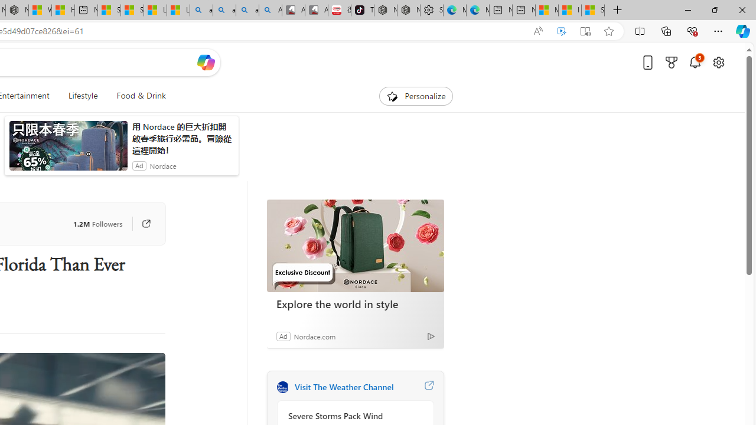  What do you see at coordinates (282, 336) in the screenshot?
I see `'Ad'` at bounding box center [282, 336].